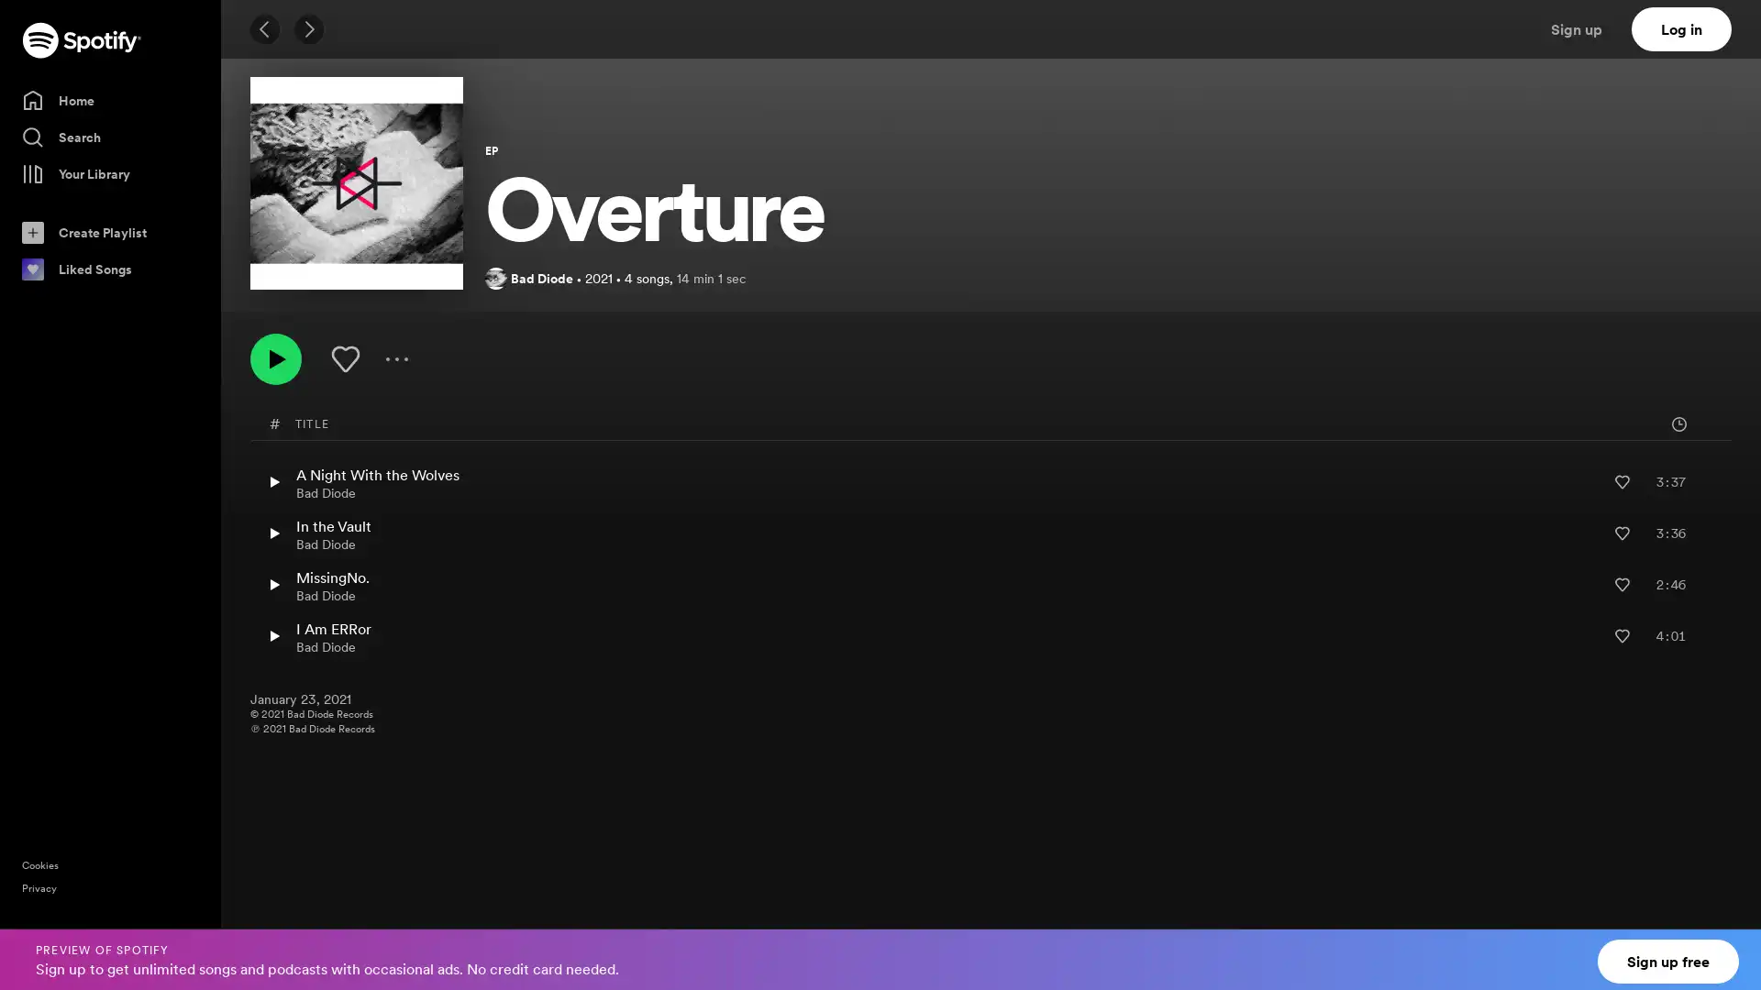  What do you see at coordinates (1668, 961) in the screenshot?
I see `Sign up free` at bounding box center [1668, 961].